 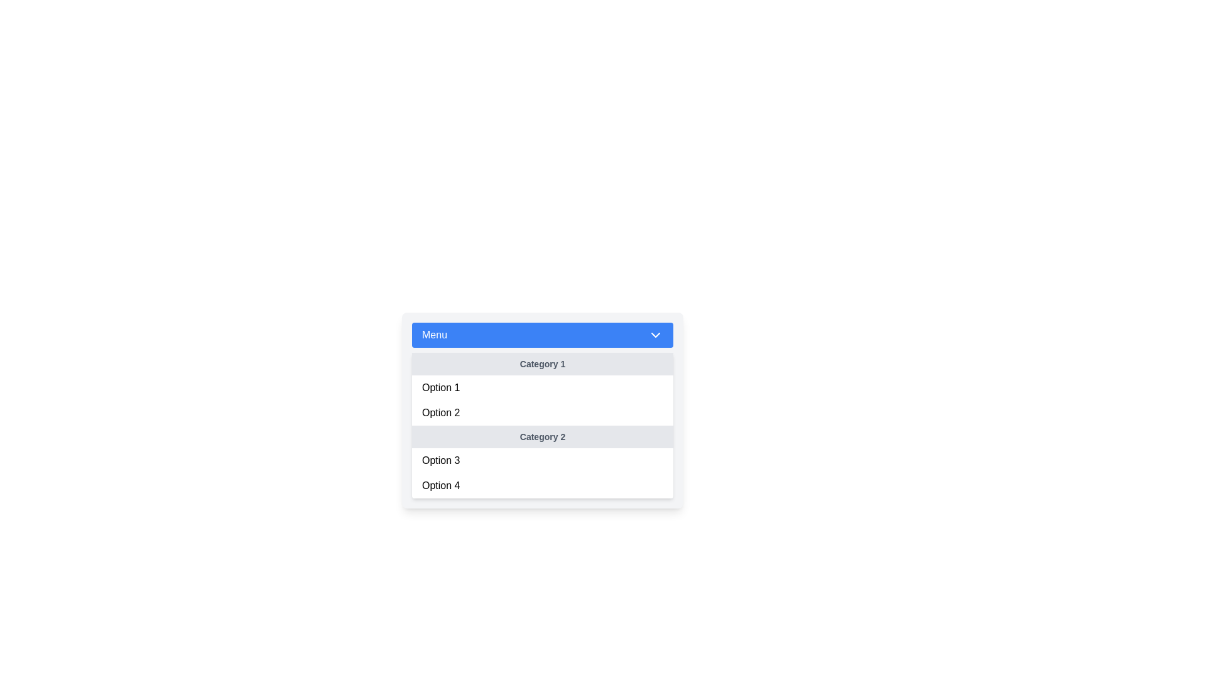 I want to click on the chevron icon located to the right of the 'Menu' label in the top-right corner of the blue header section, so click(x=655, y=334).